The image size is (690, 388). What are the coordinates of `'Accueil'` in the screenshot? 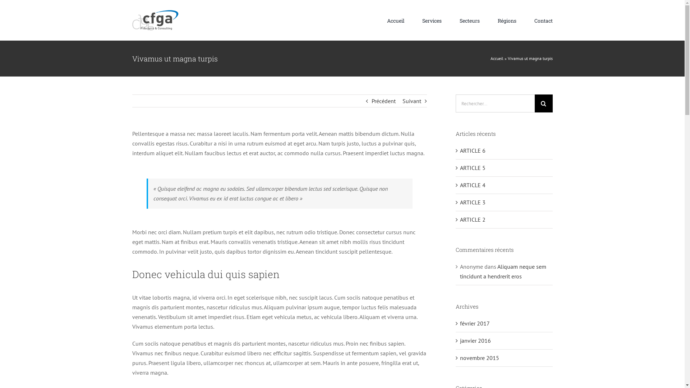 It's located at (395, 20).